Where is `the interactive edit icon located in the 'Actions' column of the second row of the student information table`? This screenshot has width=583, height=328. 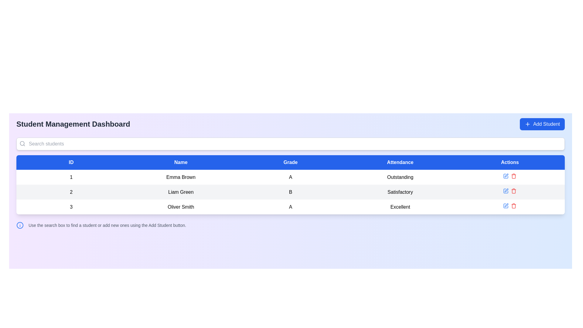
the interactive edit icon located in the 'Actions' column of the second row of the student information table is located at coordinates (506, 190).